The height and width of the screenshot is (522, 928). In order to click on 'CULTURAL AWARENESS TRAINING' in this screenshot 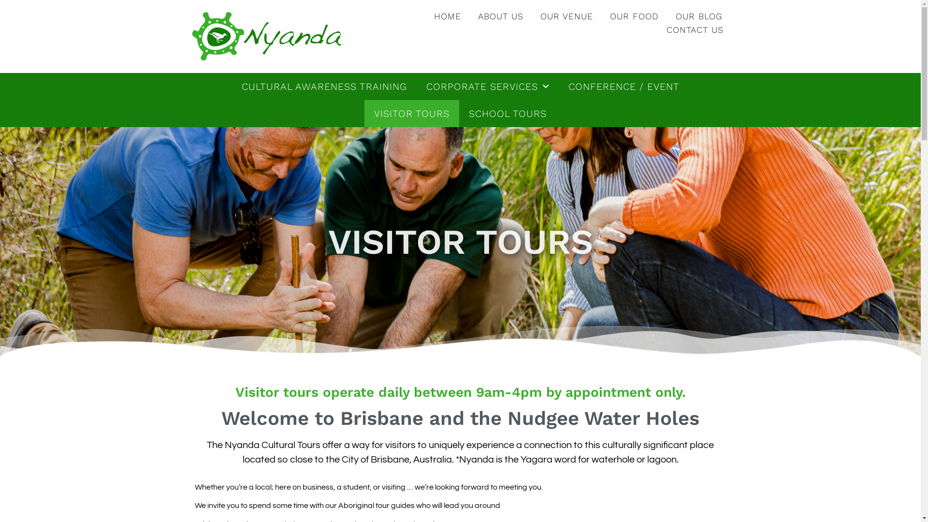, I will do `click(324, 86)`.